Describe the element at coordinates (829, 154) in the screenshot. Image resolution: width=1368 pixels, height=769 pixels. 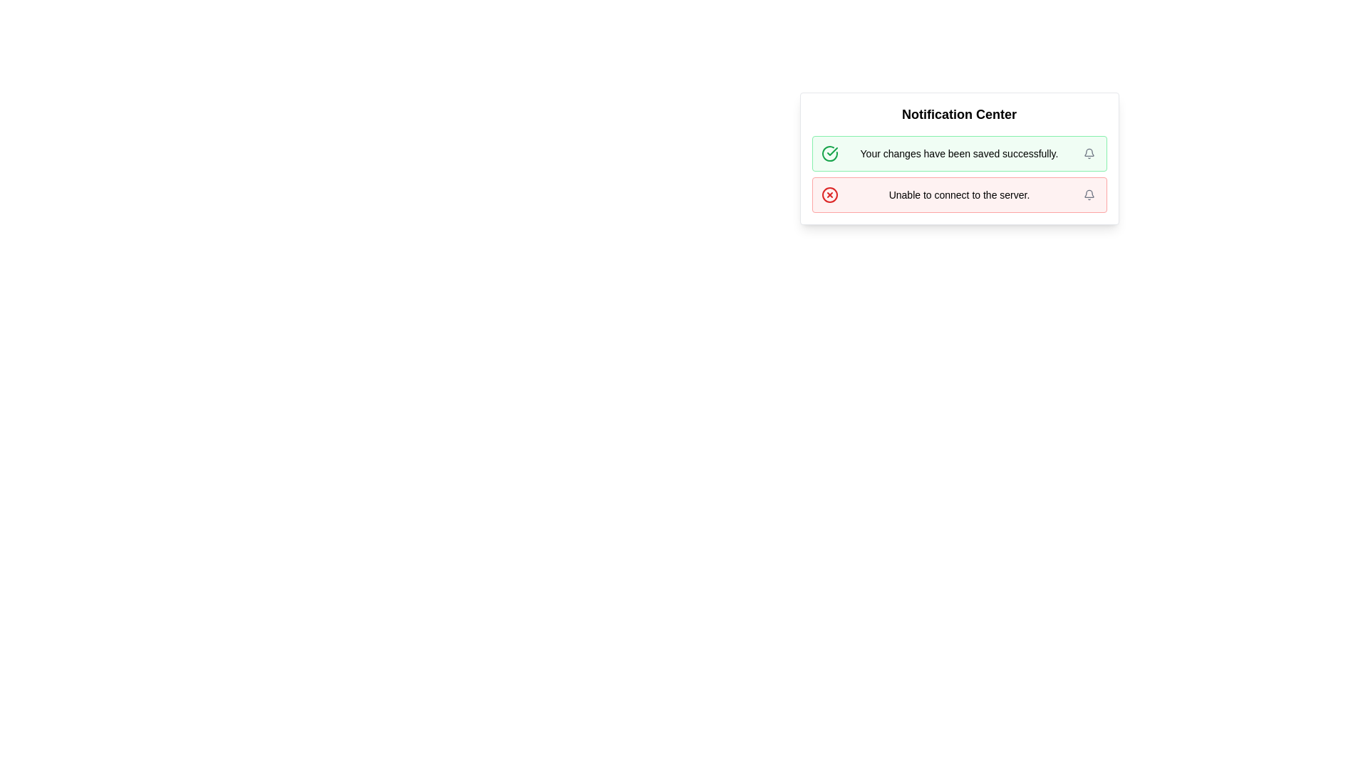
I see `the green stroke segment of the circular icon located on the left side of the notification message indicating a successful save operation` at that location.